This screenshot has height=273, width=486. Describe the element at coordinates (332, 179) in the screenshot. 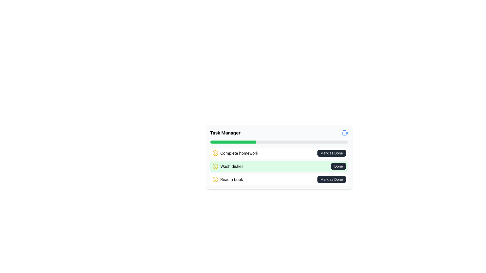

I see `the 'Mark as Done' button with a dark gray background and white text located in the third row of task entries labeled 'Read a book' to change its background color` at that location.